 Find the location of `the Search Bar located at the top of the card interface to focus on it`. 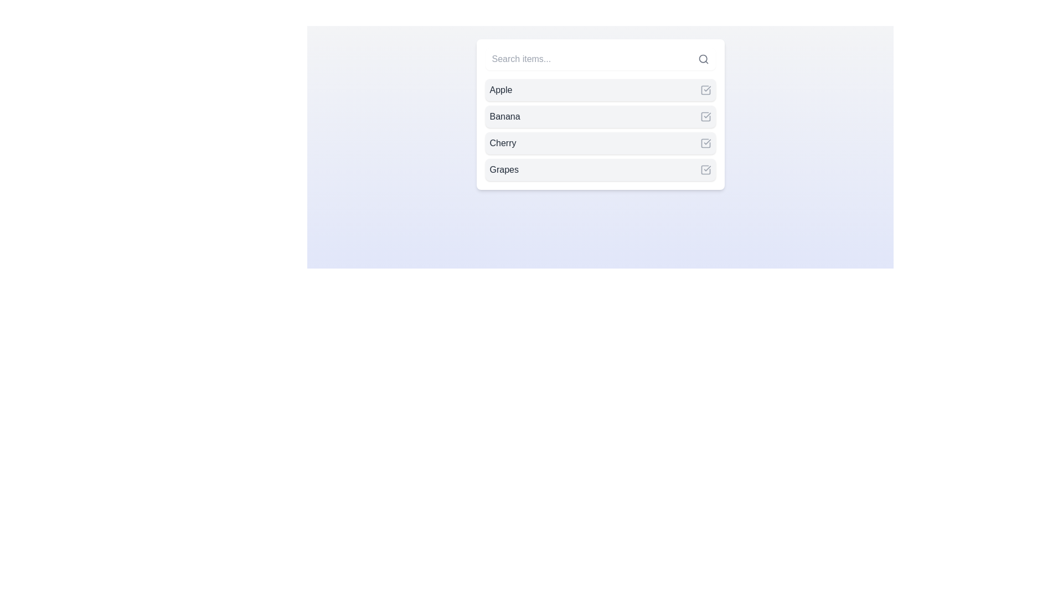

the Search Bar located at the top of the card interface to focus on it is located at coordinates (600, 59).